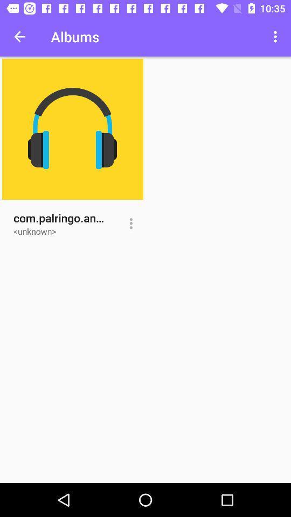 This screenshot has width=291, height=517. What do you see at coordinates (131, 223) in the screenshot?
I see `item to the right of com.palringo.android icon` at bounding box center [131, 223].